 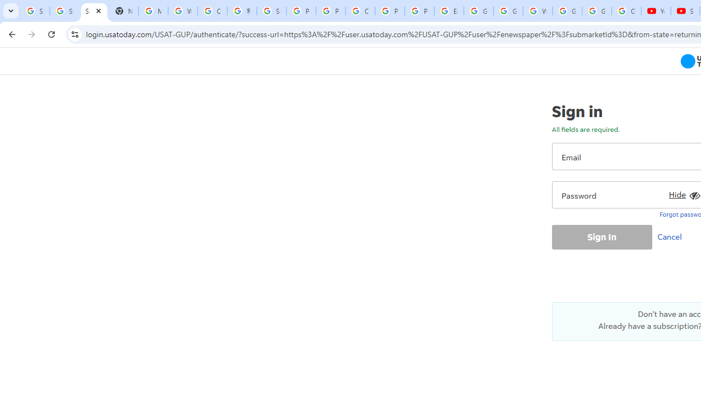 What do you see at coordinates (183, 11) in the screenshot?
I see `'Who is my administrator? - Google Account Help'` at bounding box center [183, 11].